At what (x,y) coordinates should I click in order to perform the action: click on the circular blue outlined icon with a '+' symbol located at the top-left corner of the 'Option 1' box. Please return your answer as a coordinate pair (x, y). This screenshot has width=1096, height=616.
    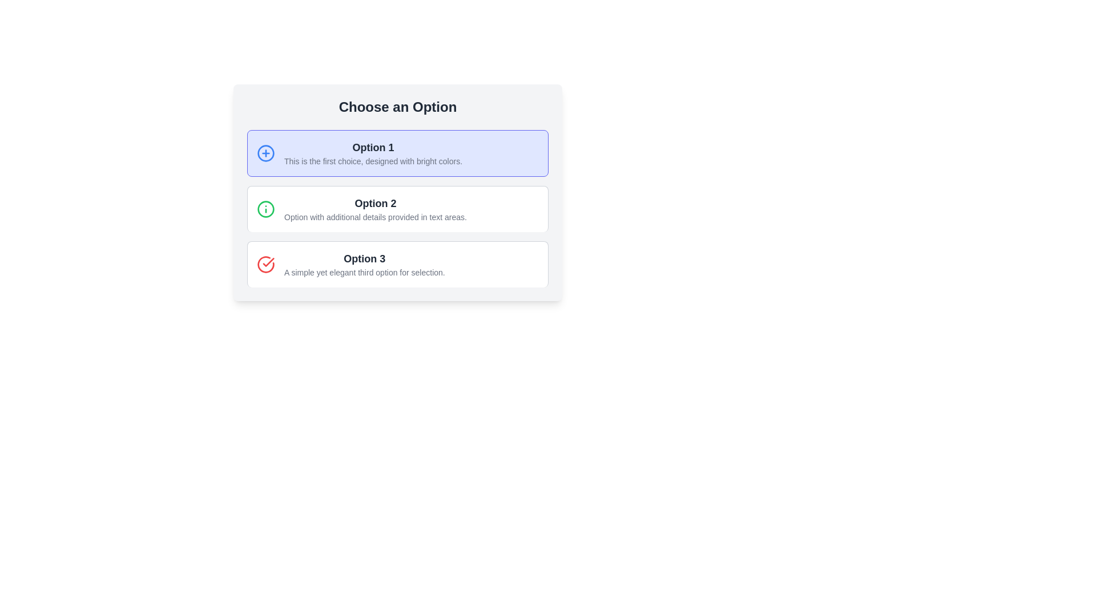
    Looking at the image, I should click on (265, 153).